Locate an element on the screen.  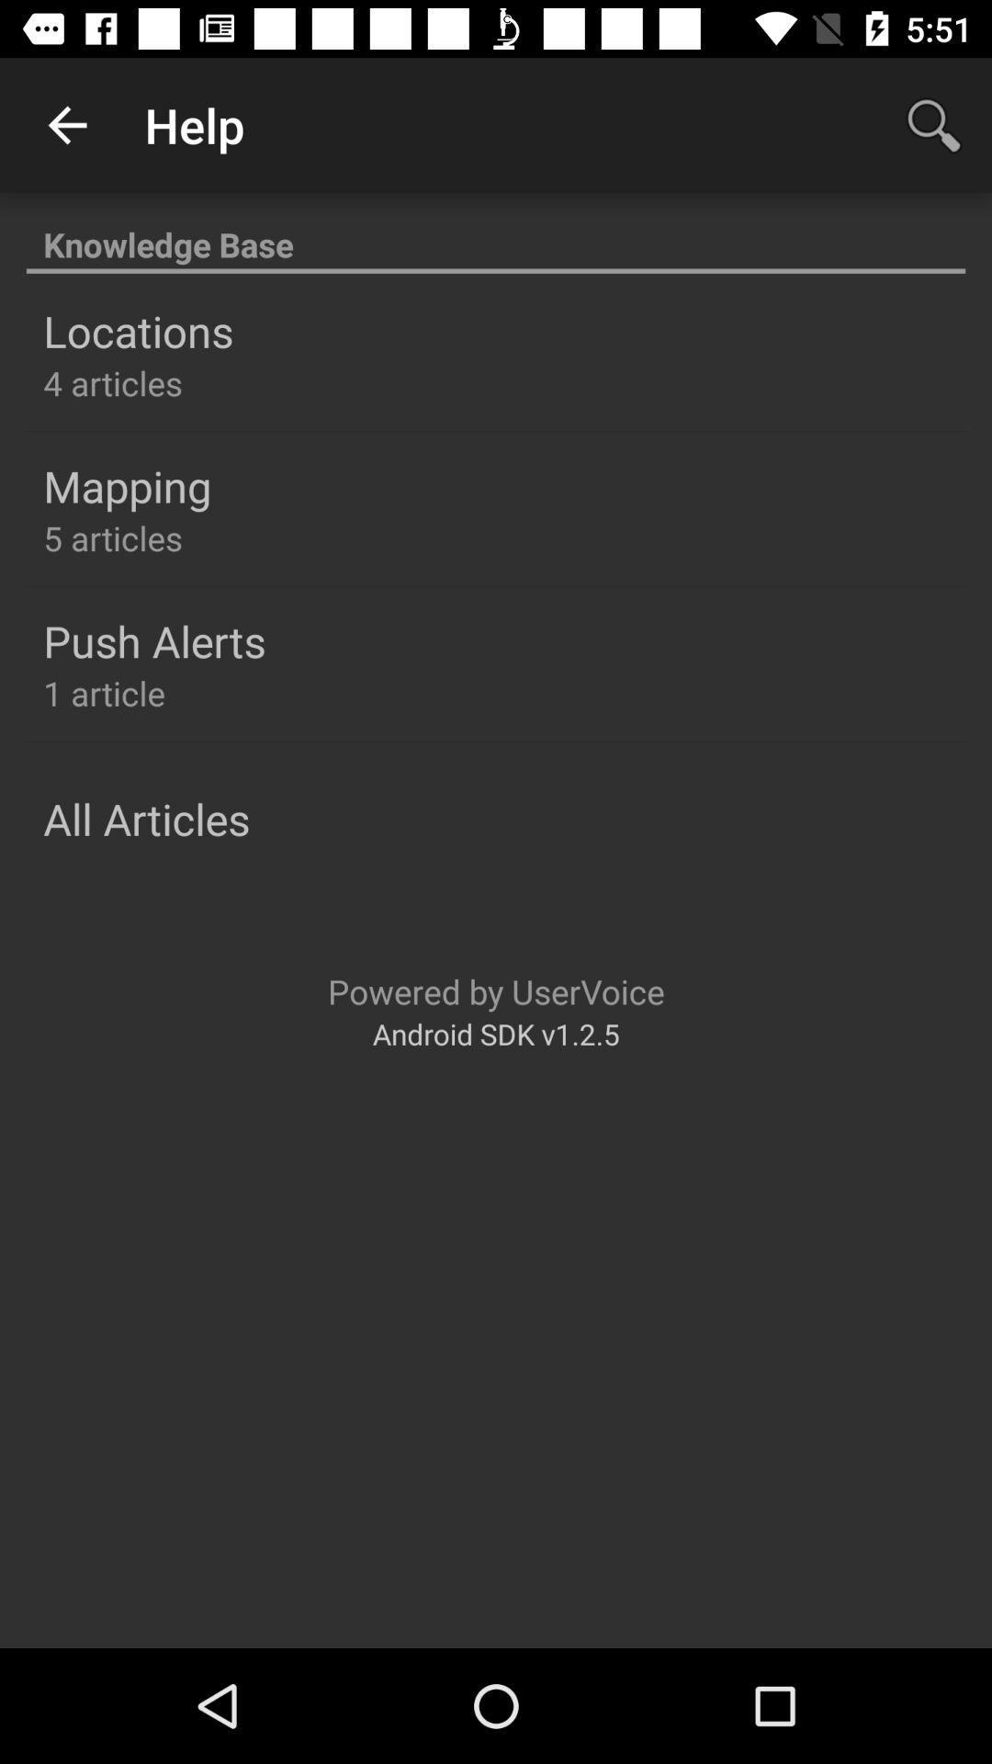
the icon below all articles icon is located at coordinates (496, 990).